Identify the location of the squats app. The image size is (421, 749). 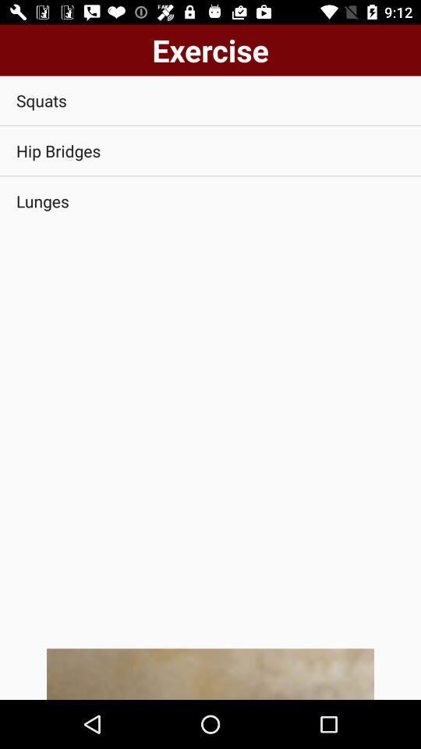
(210, 100).